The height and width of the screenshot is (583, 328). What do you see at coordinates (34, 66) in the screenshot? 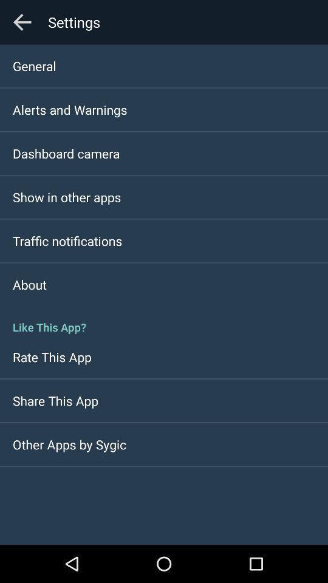
I see `the general` at bounding box center [34, 66].